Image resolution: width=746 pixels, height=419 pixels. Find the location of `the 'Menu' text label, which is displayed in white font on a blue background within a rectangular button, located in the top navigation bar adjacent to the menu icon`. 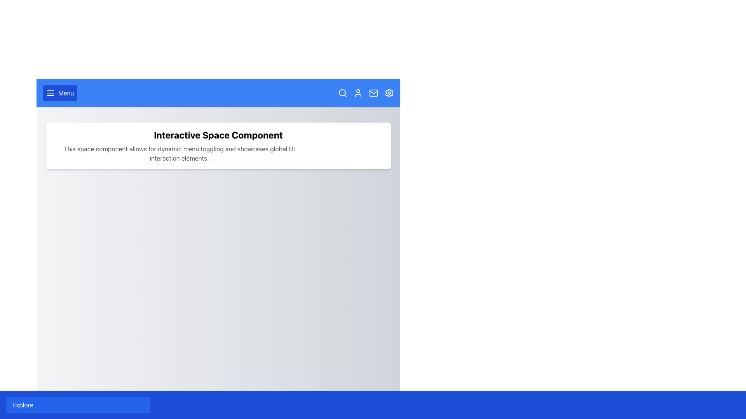

the 'Menu' text label, which is displayed in white font on a blue background within a rectangular button, located in the top navigation bar adjacent to the menu icon is located at coordinates (66, 92).